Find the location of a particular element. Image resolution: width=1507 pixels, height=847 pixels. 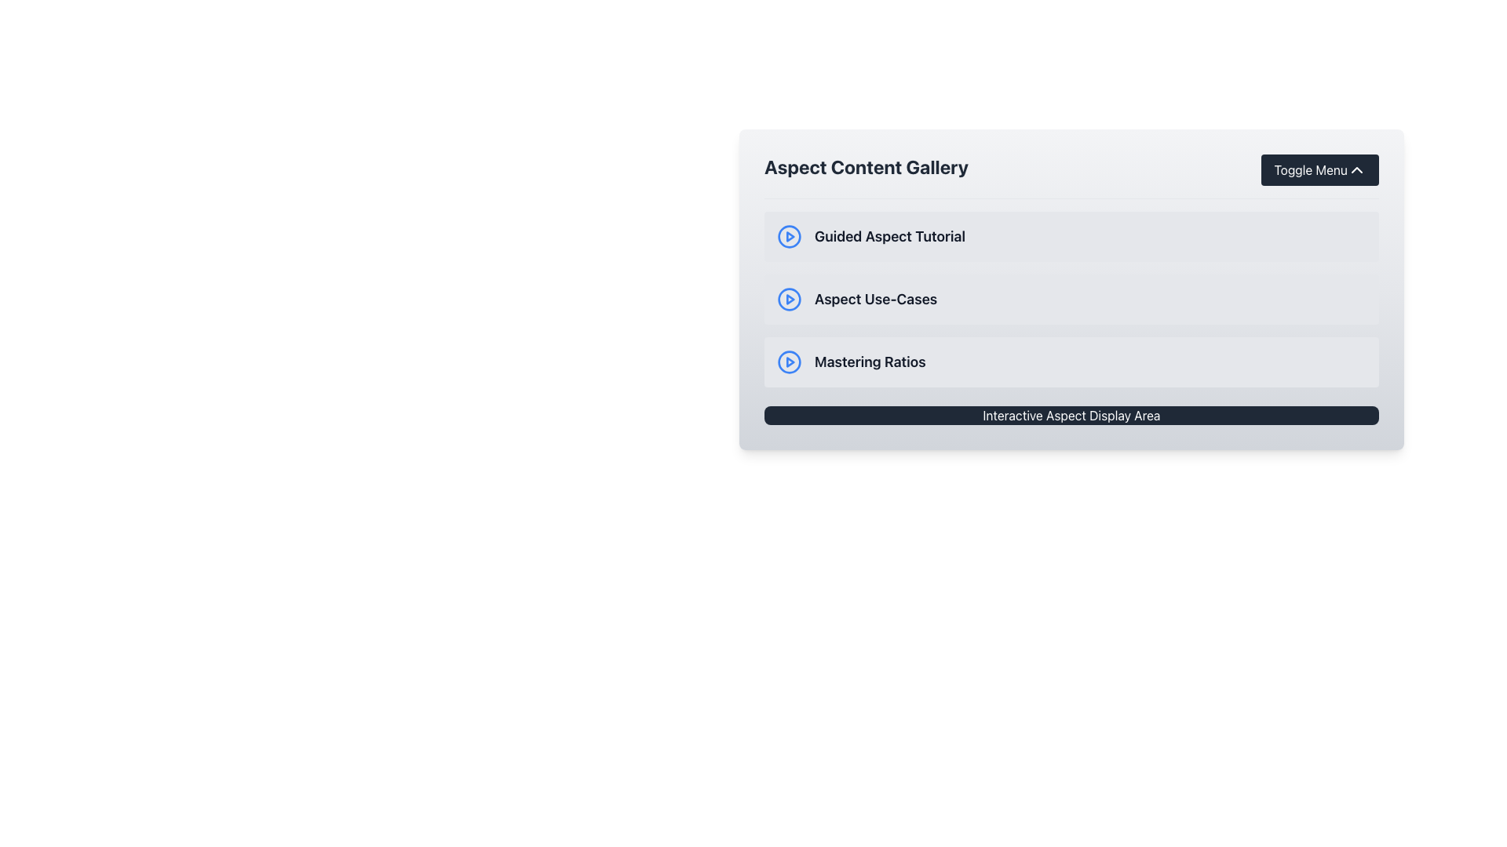

the inner circular outline of the play button icon located in the middle row of the list item labeled 'Aspect Use-Cases' is located at coordinates (790, 299).